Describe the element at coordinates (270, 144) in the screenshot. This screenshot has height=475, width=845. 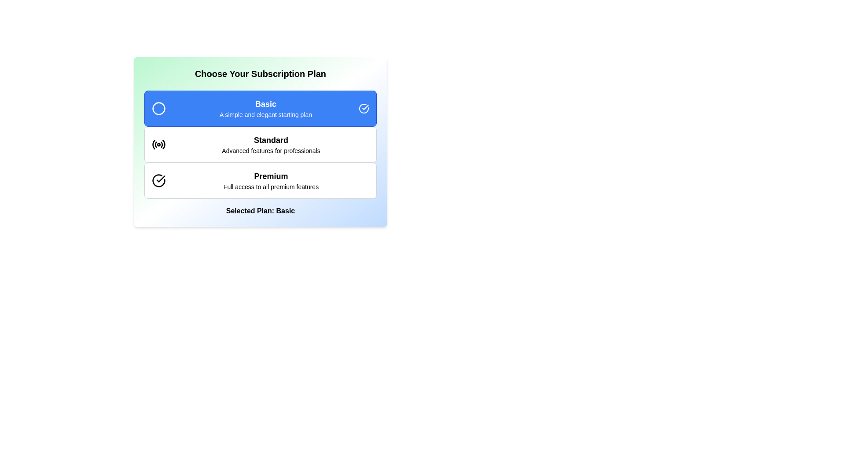
I see `the subscription plan option labeled 'Standard'` at that location.